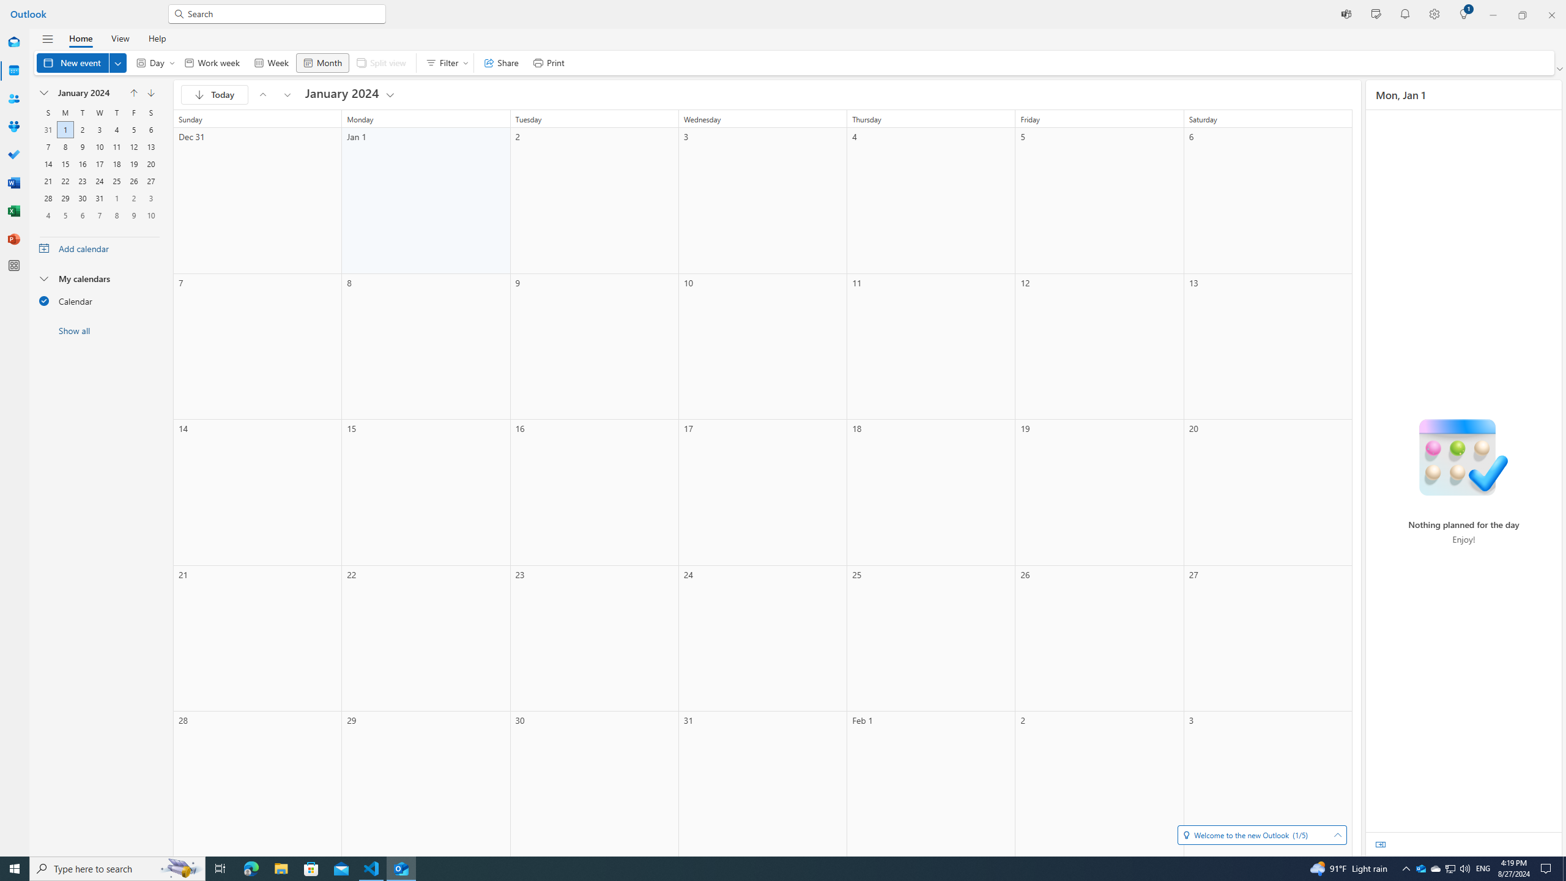 The image size is (1566, 881). I want to click on '9, February, 2024', so click(133, 215).